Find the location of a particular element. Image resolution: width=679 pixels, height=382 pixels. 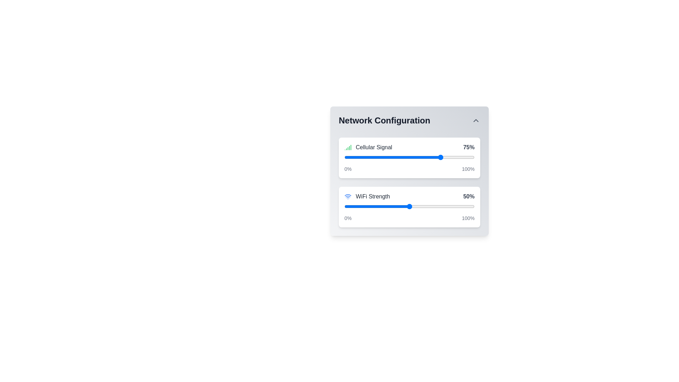

the cellular signal strength is located at coordinates (351, 157).